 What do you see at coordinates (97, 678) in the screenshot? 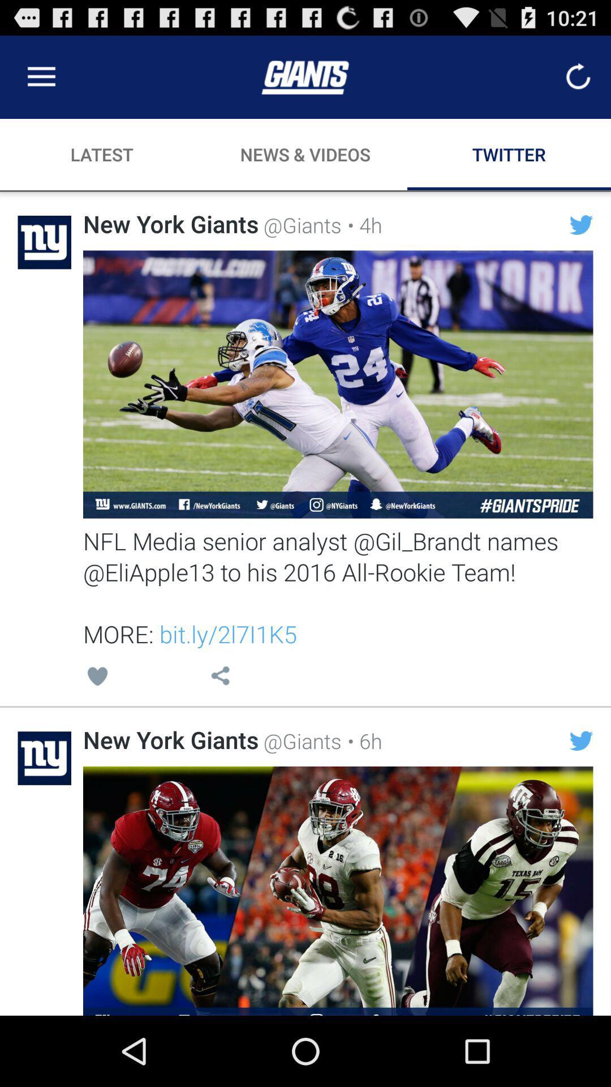
I see `the icon on the left` at bounding box center [97, 678].